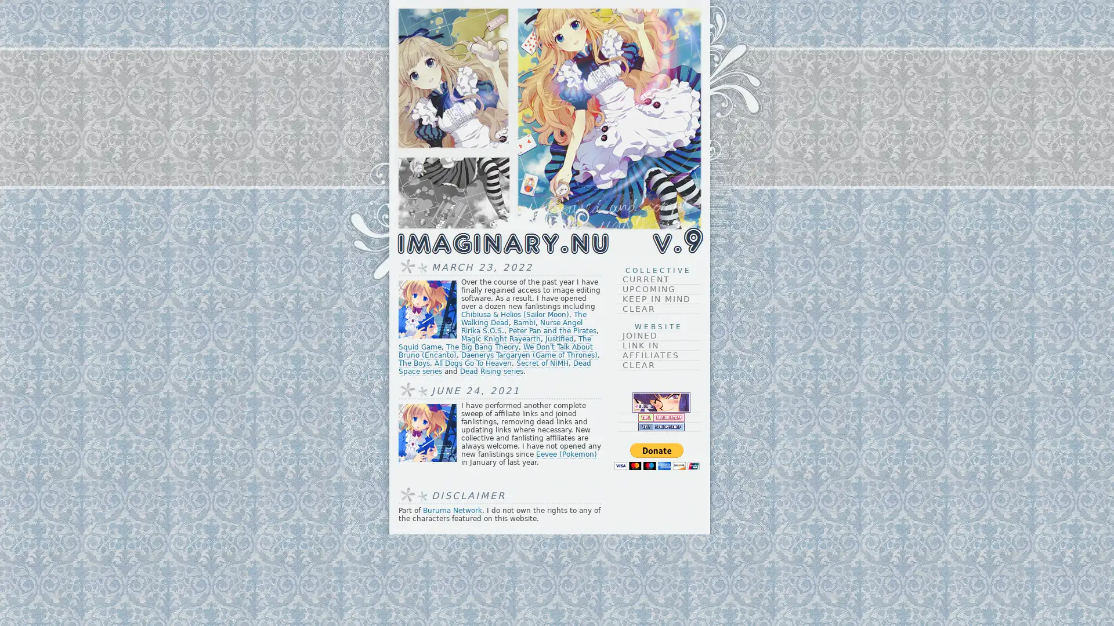 The image size is (1114, 626). I want to click on PayPal - The safer, easier way to pay online!, so click(656, 456).